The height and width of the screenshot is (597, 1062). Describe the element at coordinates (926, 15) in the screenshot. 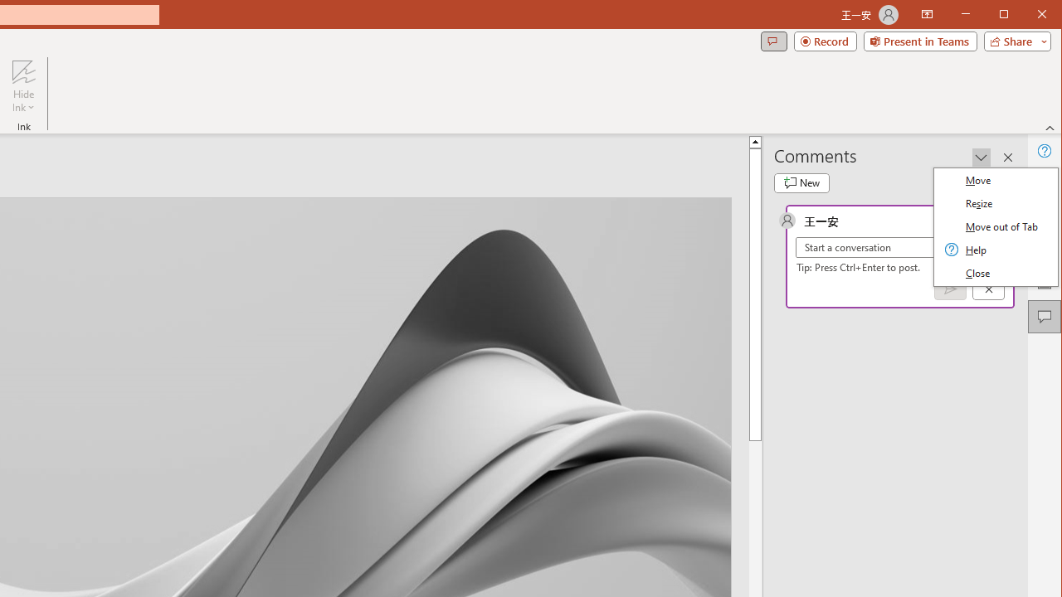

I see `'Ribbon Display Options'` at that location.